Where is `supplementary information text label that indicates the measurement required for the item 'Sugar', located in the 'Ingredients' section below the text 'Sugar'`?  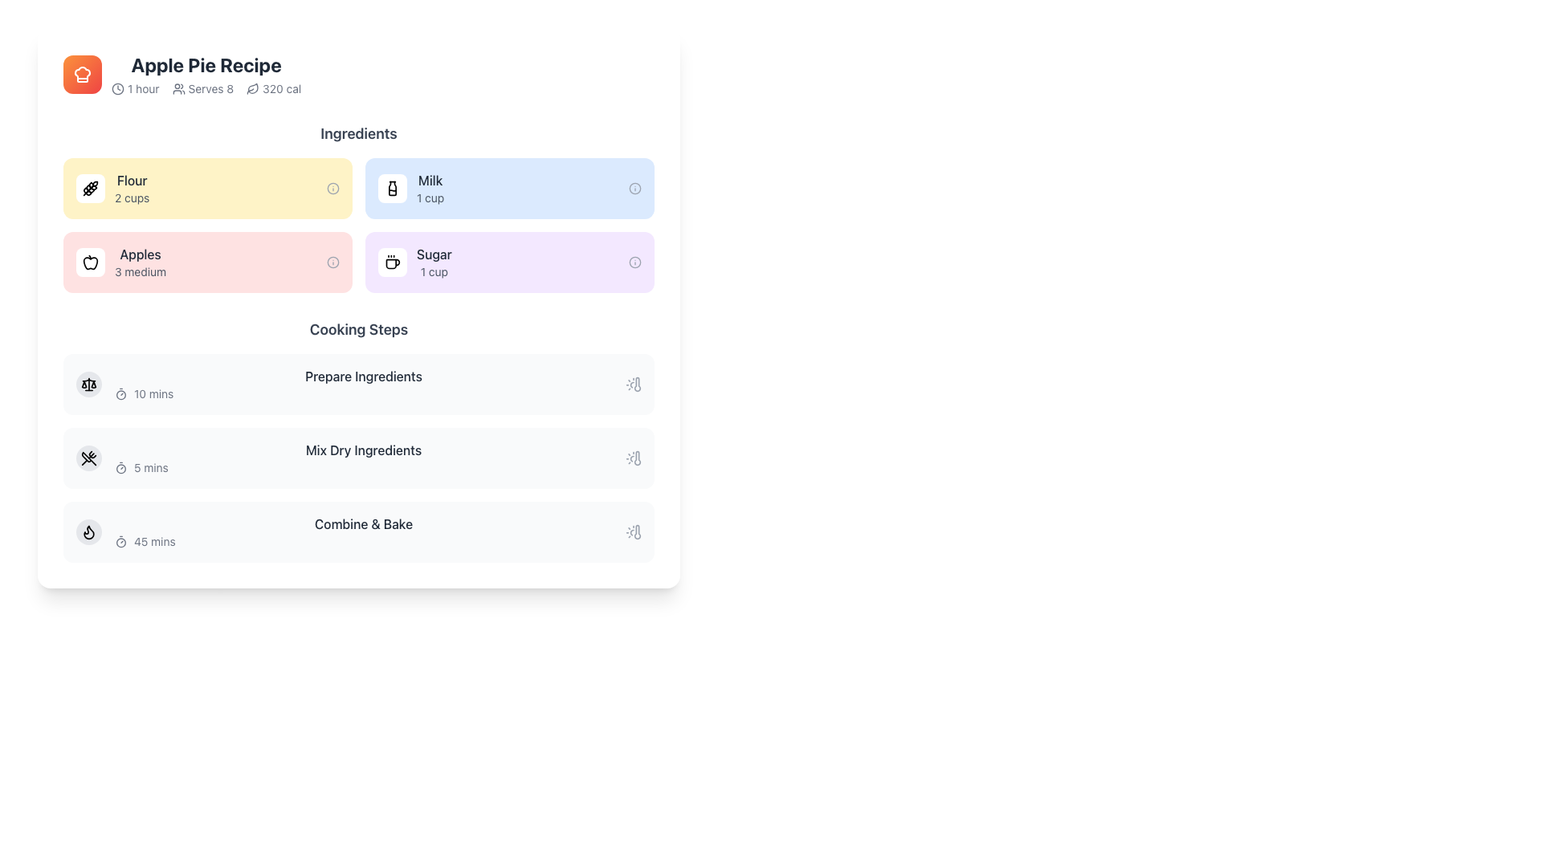
supplementary information text label that indicates the measurement required for the item 'Sugar', located in the 'Ingredients' section below the text 'Sugar' is located at coordinates (434, 271).